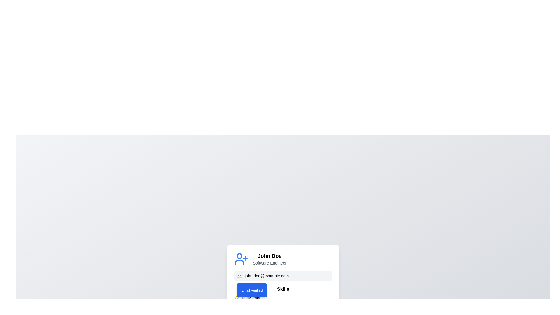 This screenshot has width=560, height=315. I want to click on the user icon with a plus symbol, styled in blue, located in the profile section next to 'John Doe' and 'Software Engineer', so click(241, 258).